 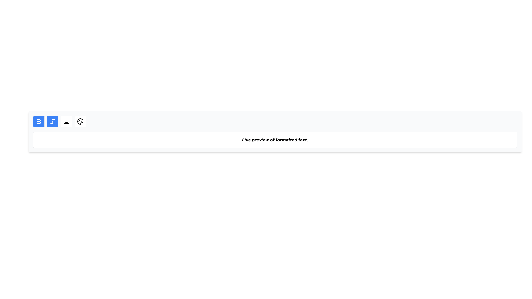 I want to click on the blue button with a white 'B' symbol located, so click(x=38, y=121).